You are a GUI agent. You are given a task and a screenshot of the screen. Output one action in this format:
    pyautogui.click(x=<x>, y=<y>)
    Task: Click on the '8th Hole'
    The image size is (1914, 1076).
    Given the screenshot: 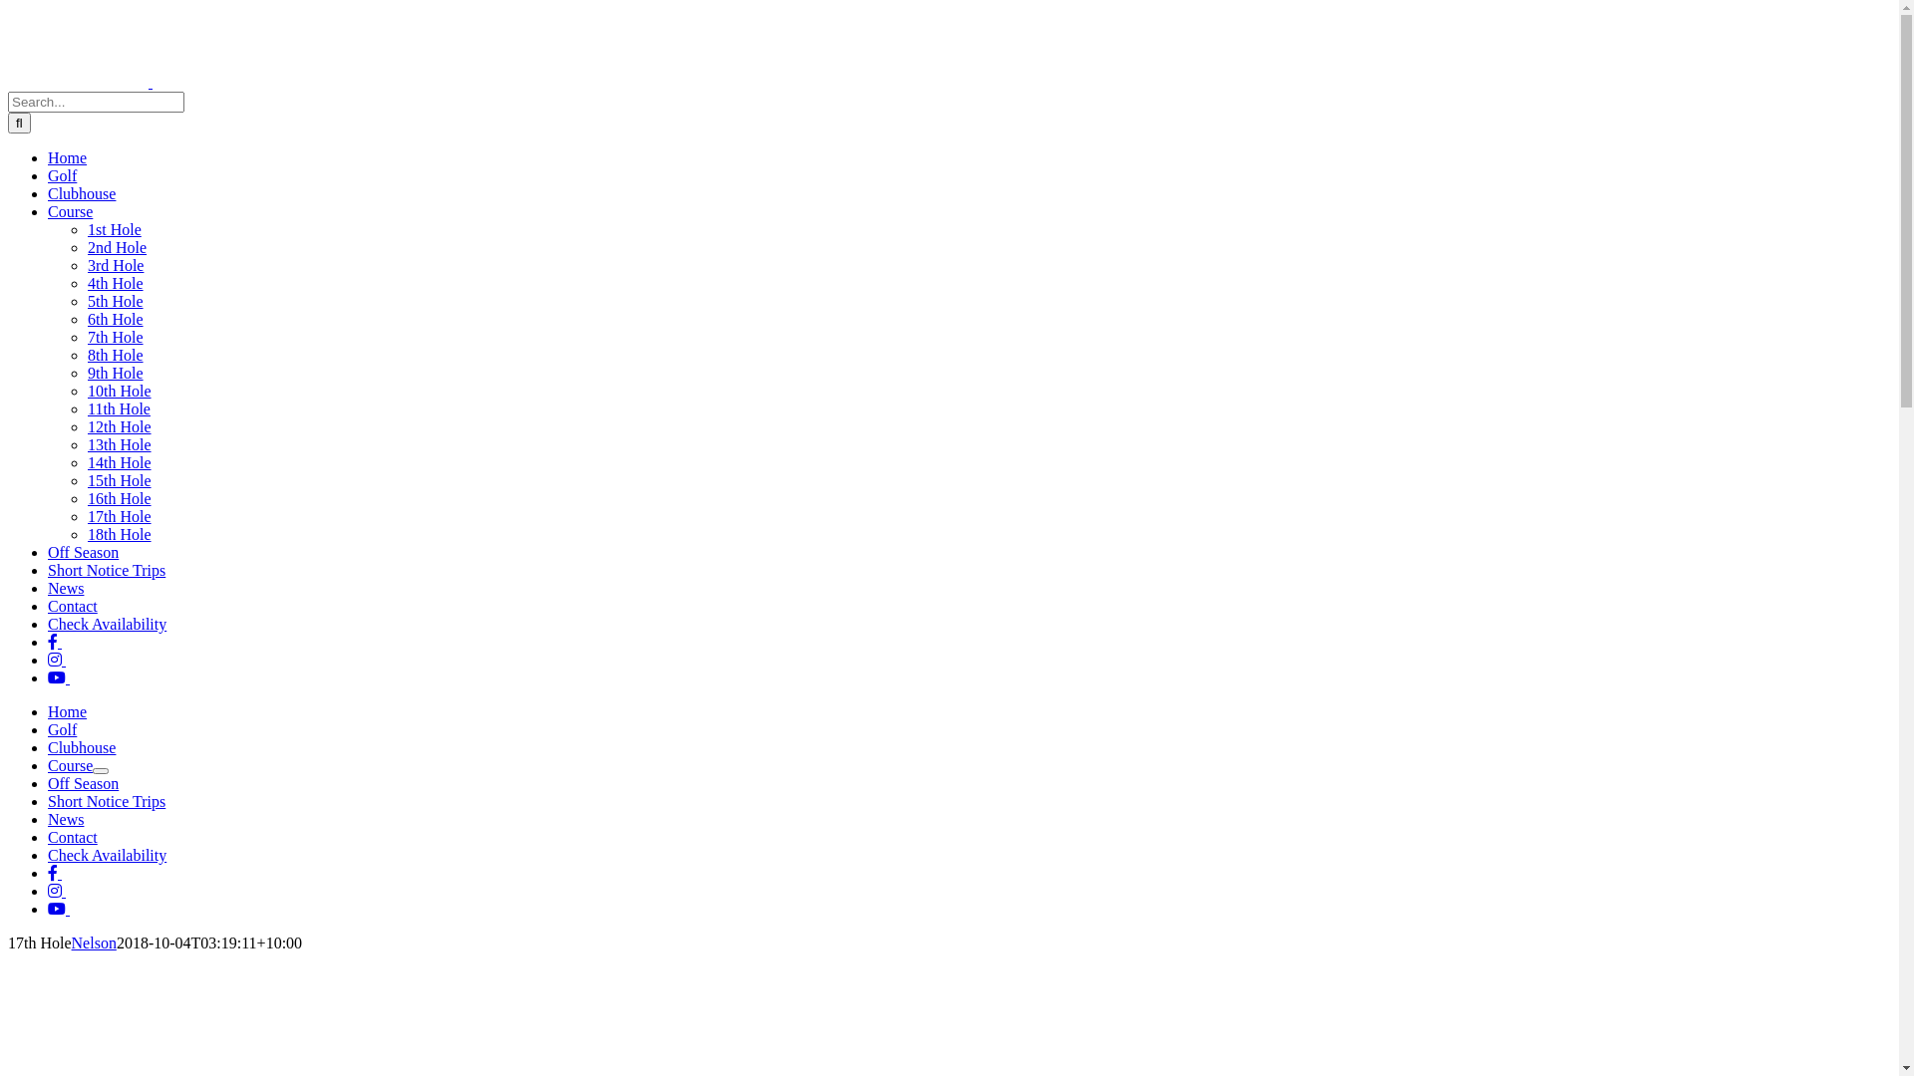 What is the action you would take?
    pyautogui.click(x=114, y=354)
    